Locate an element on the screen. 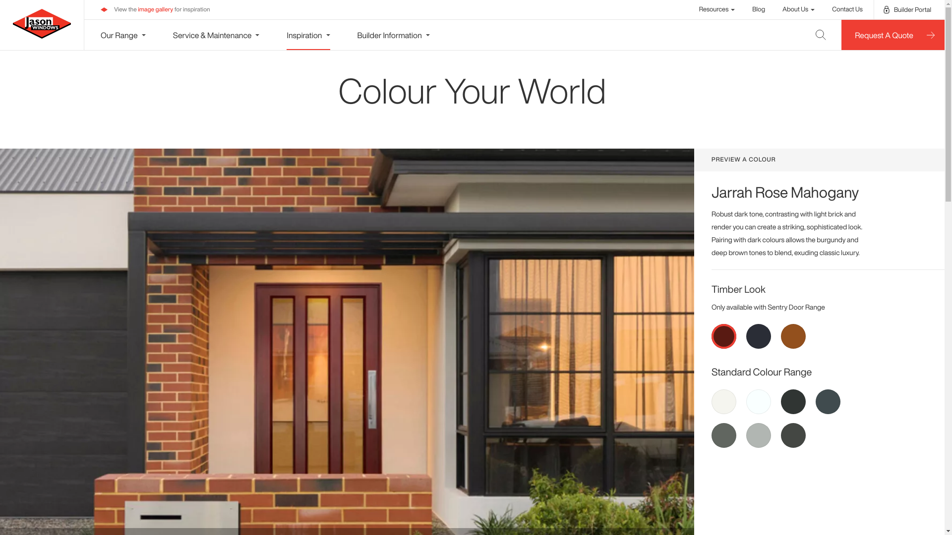 The width and height of the screenshot is (952, 535). 'Pearl White' is located at coordinates (758, 401).